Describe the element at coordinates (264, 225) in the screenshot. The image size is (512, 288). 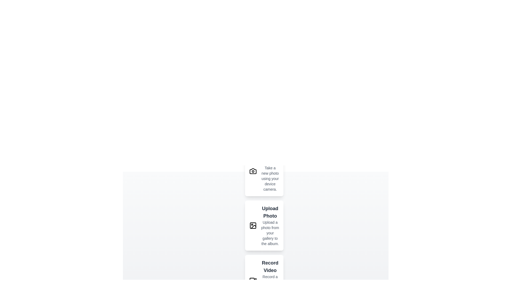
I see `the action described by Upload Photo` at that location.